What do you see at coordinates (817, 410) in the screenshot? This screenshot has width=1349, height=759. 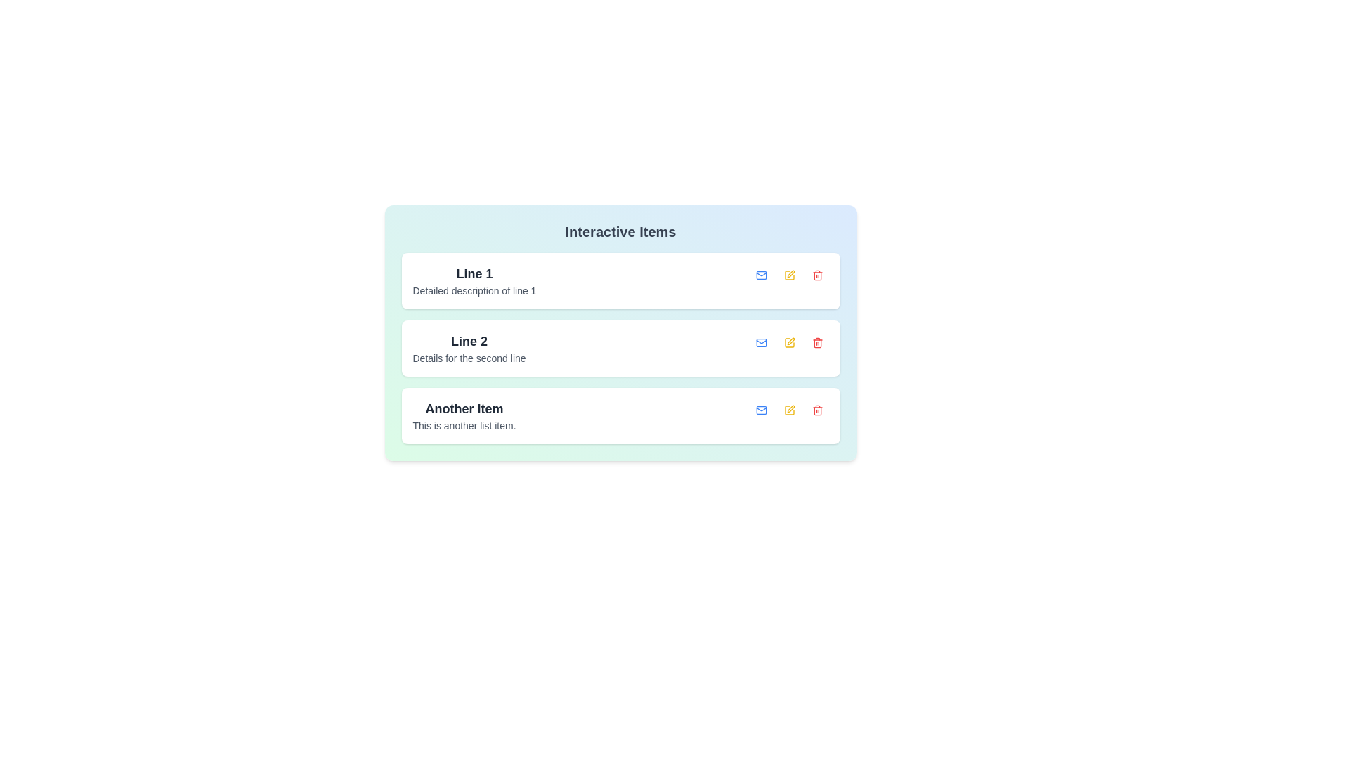 I see `delete button for the item with the title Another Item` at bounding box center [817, 410].